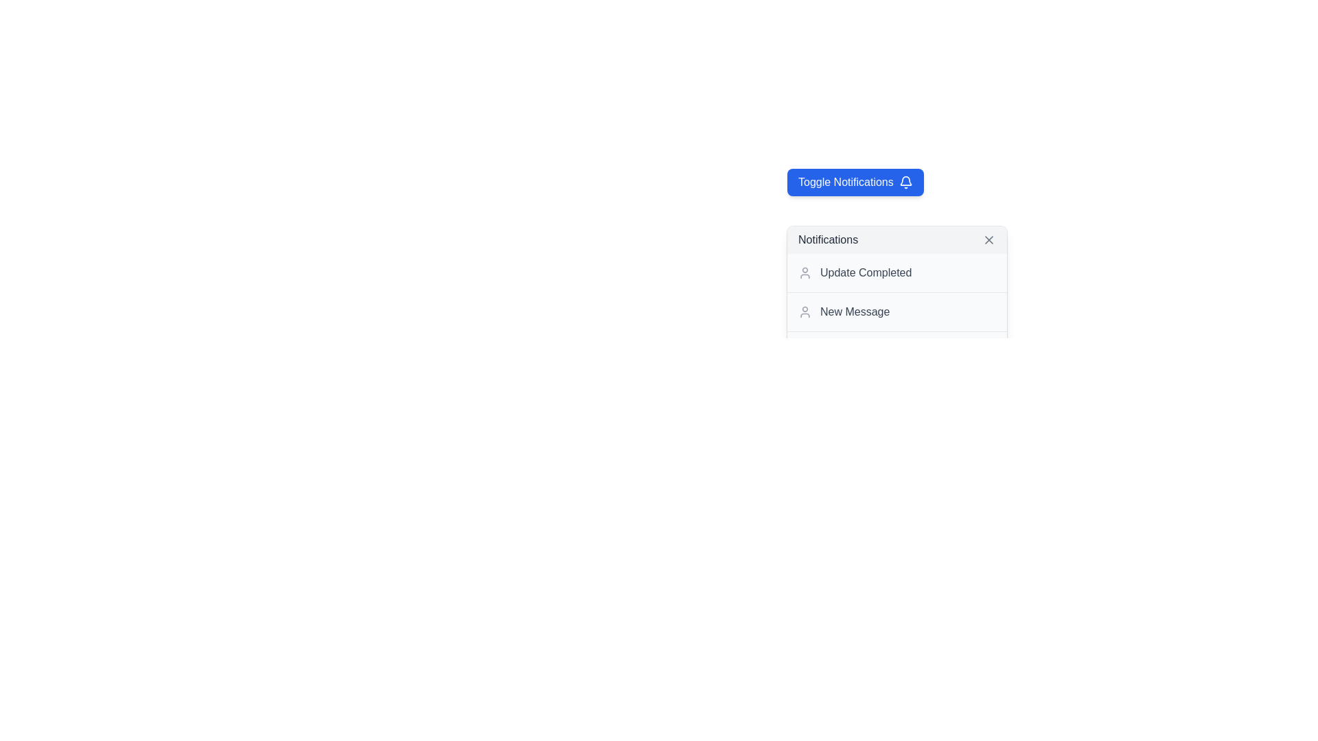 The image size is (1318, 741). Describe the element at coordinates (897, 298) in the screenshot. I see `the individual notifications in the 'Notifications' dropdown panel, which is styled with a light gray background and contains notification items such as 'Update Completed', 'New Message', and 'Settings Changed'` at that location.